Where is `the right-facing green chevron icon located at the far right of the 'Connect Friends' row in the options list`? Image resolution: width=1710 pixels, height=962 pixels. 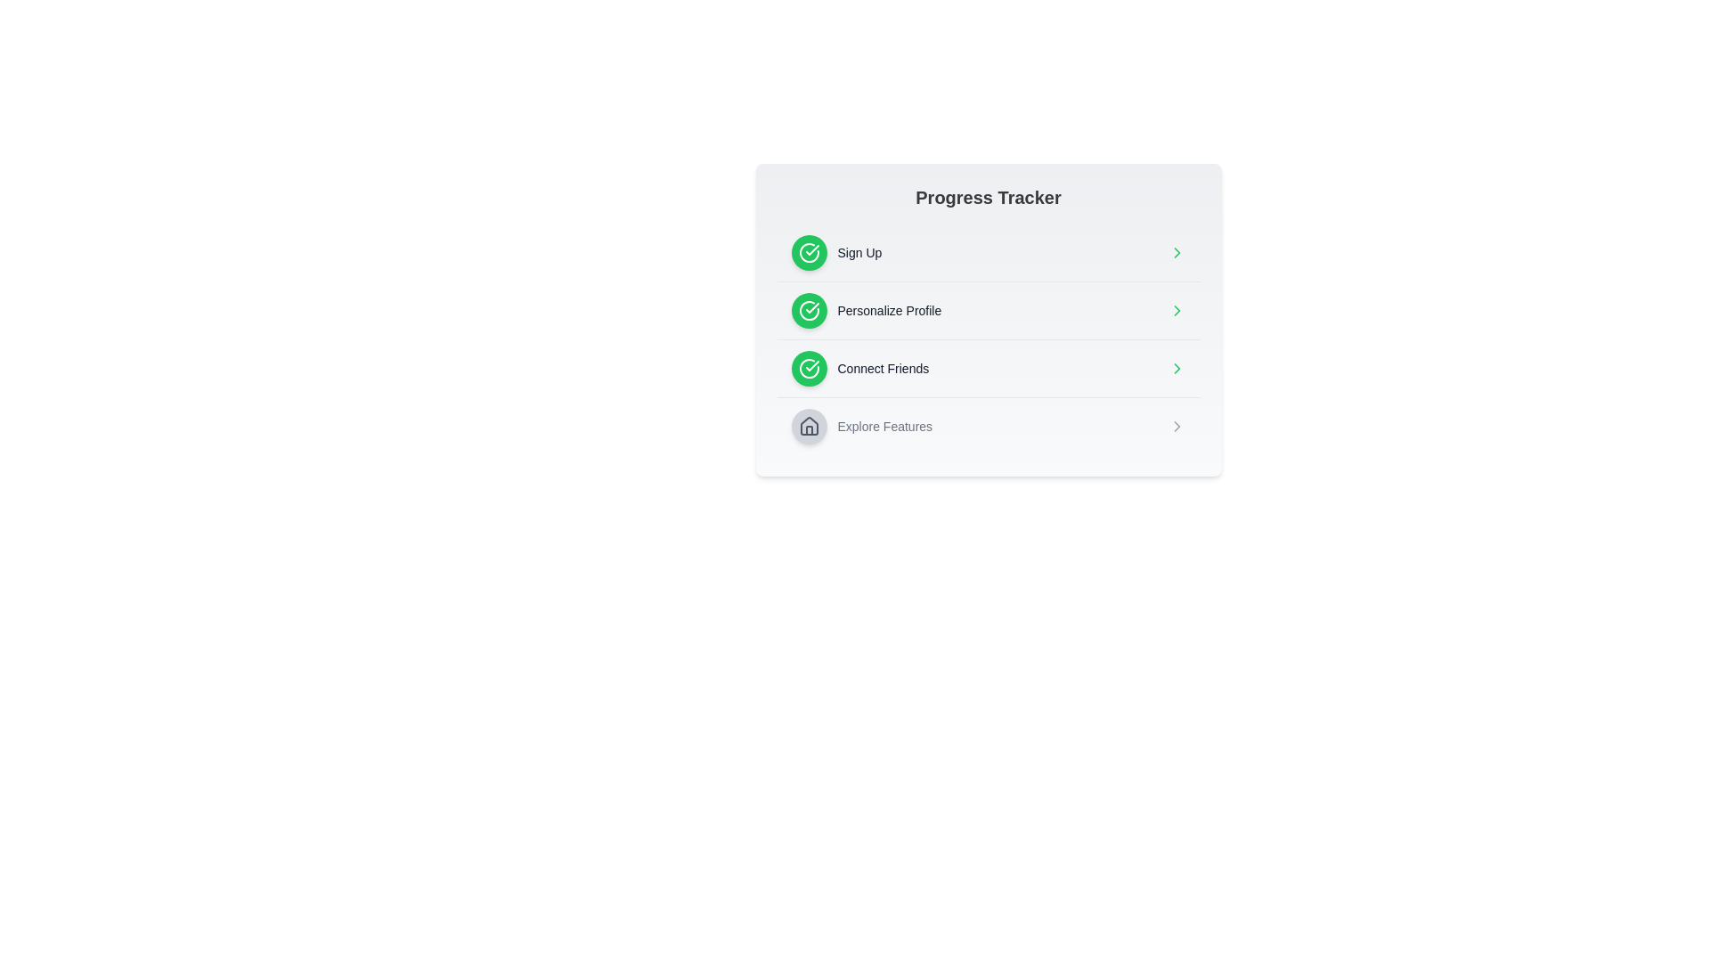
the right-facing green chevron icon located at the far right of the 'Connect Friends' row in the options list is located at coordinates (1177, 367).